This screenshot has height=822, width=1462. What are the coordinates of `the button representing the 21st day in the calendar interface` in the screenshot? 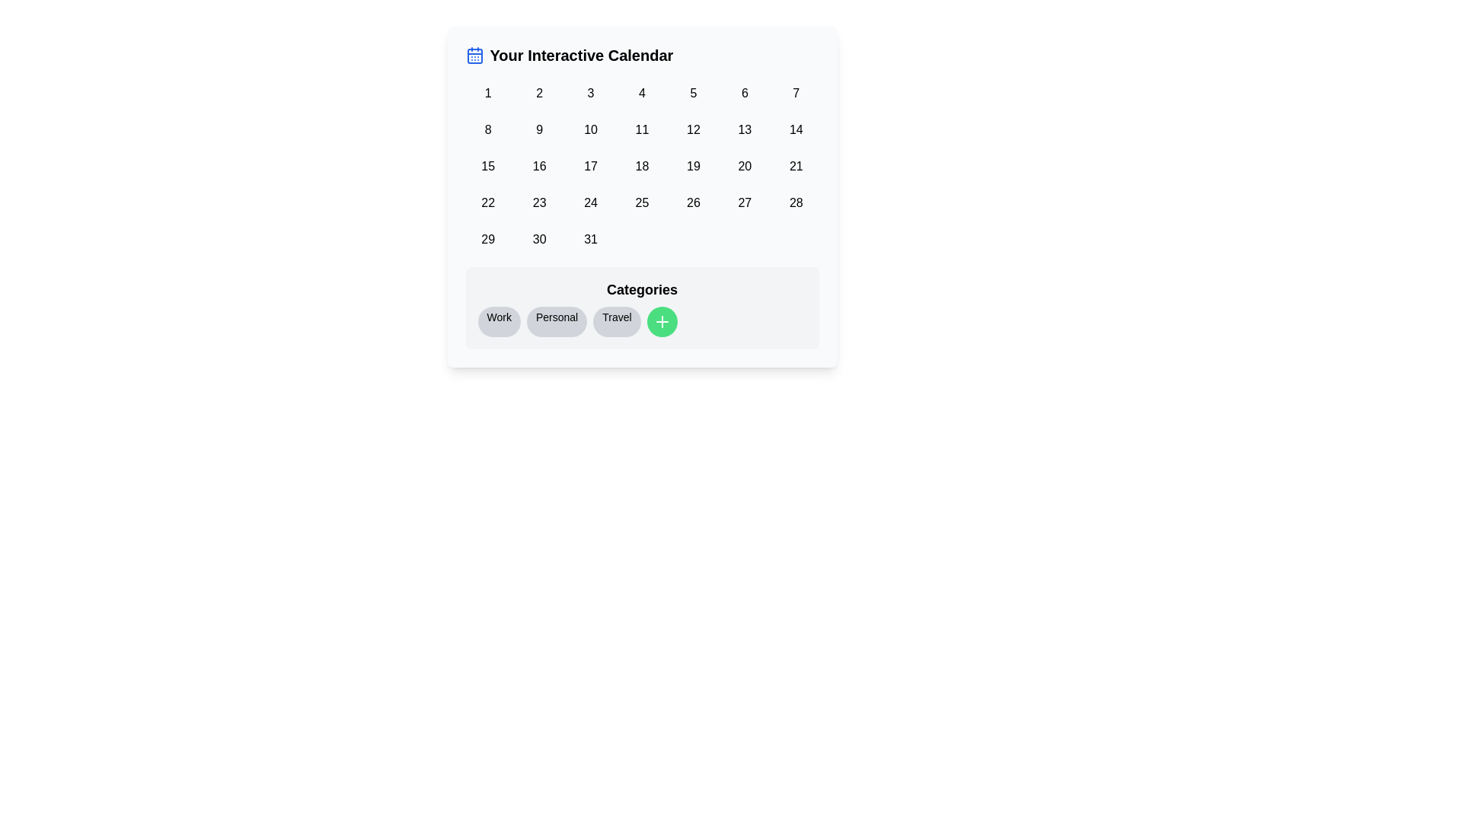 It's located at (795, 167).